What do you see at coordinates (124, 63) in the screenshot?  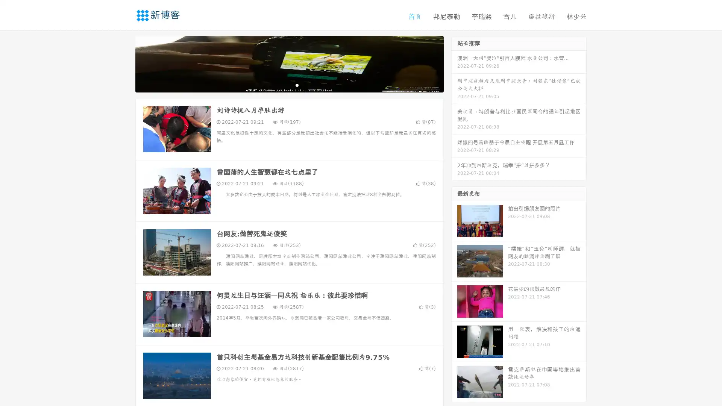 I see `Previous slide` at bounding box center [124, 63].